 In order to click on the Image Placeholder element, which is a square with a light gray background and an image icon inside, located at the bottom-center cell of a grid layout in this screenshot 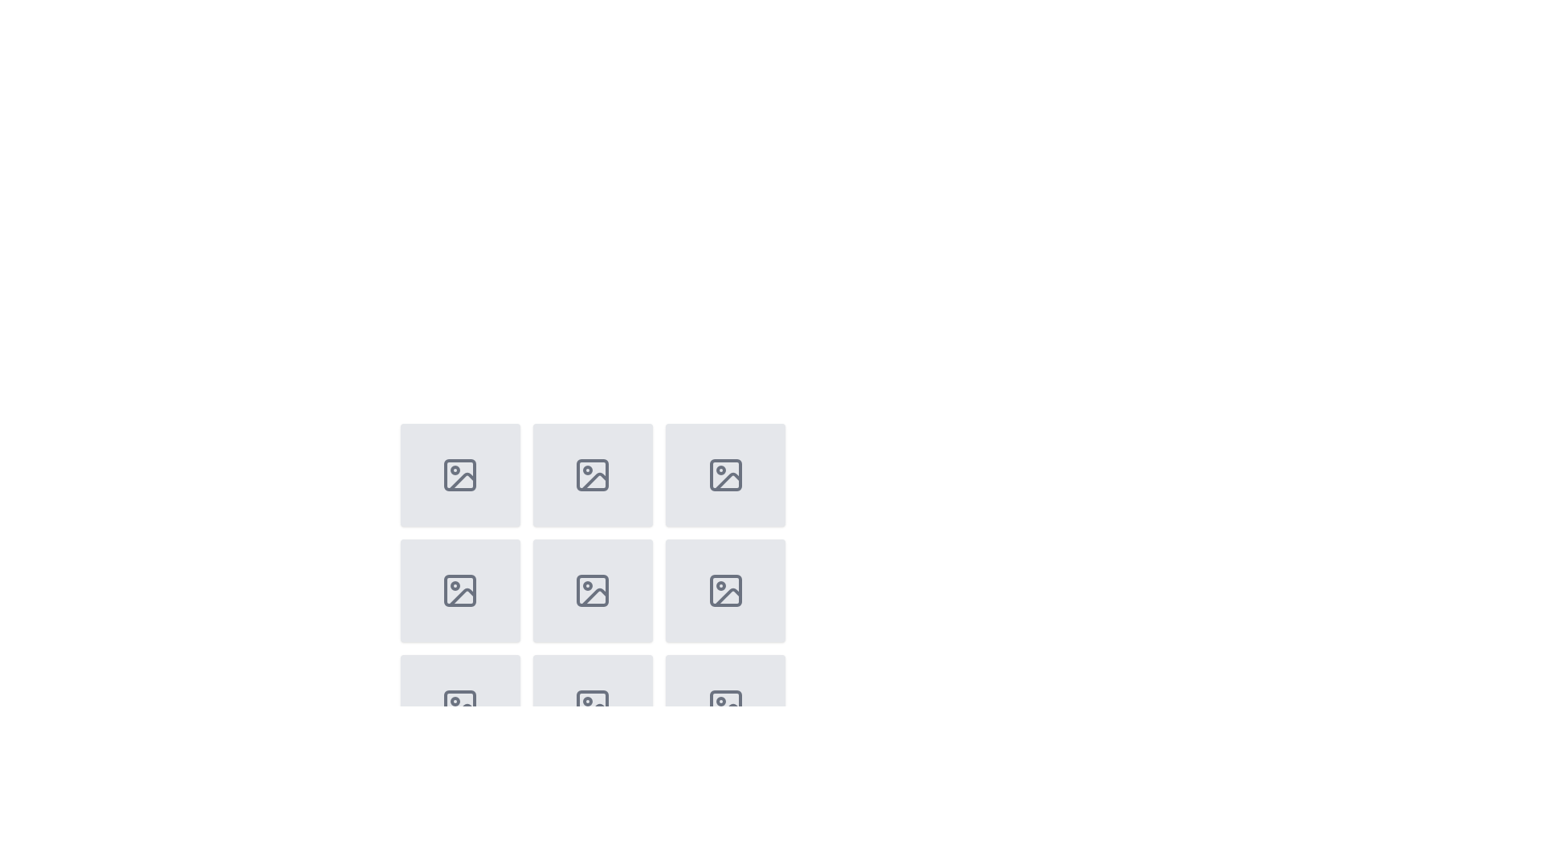, I will do `click(592, 705)`.